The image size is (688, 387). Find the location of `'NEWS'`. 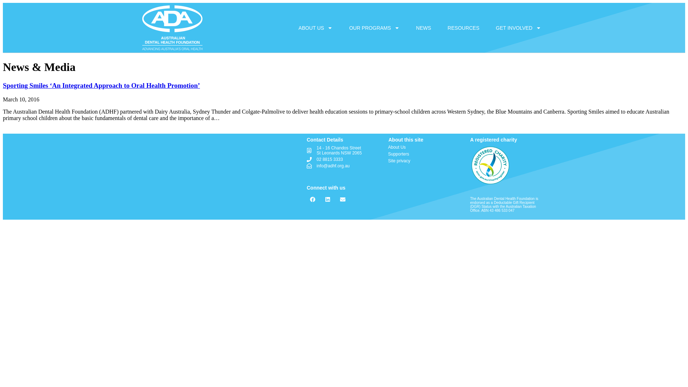

'NEWS' is located at coordinates (423, 27).